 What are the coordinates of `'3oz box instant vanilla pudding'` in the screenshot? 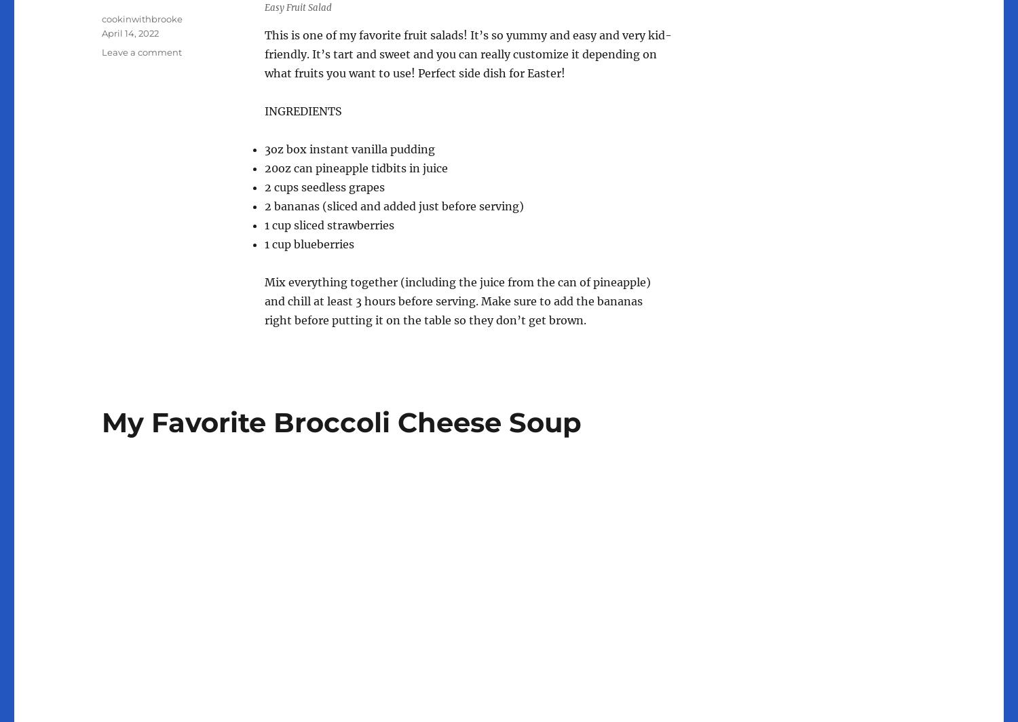 It's located at (265, 149).